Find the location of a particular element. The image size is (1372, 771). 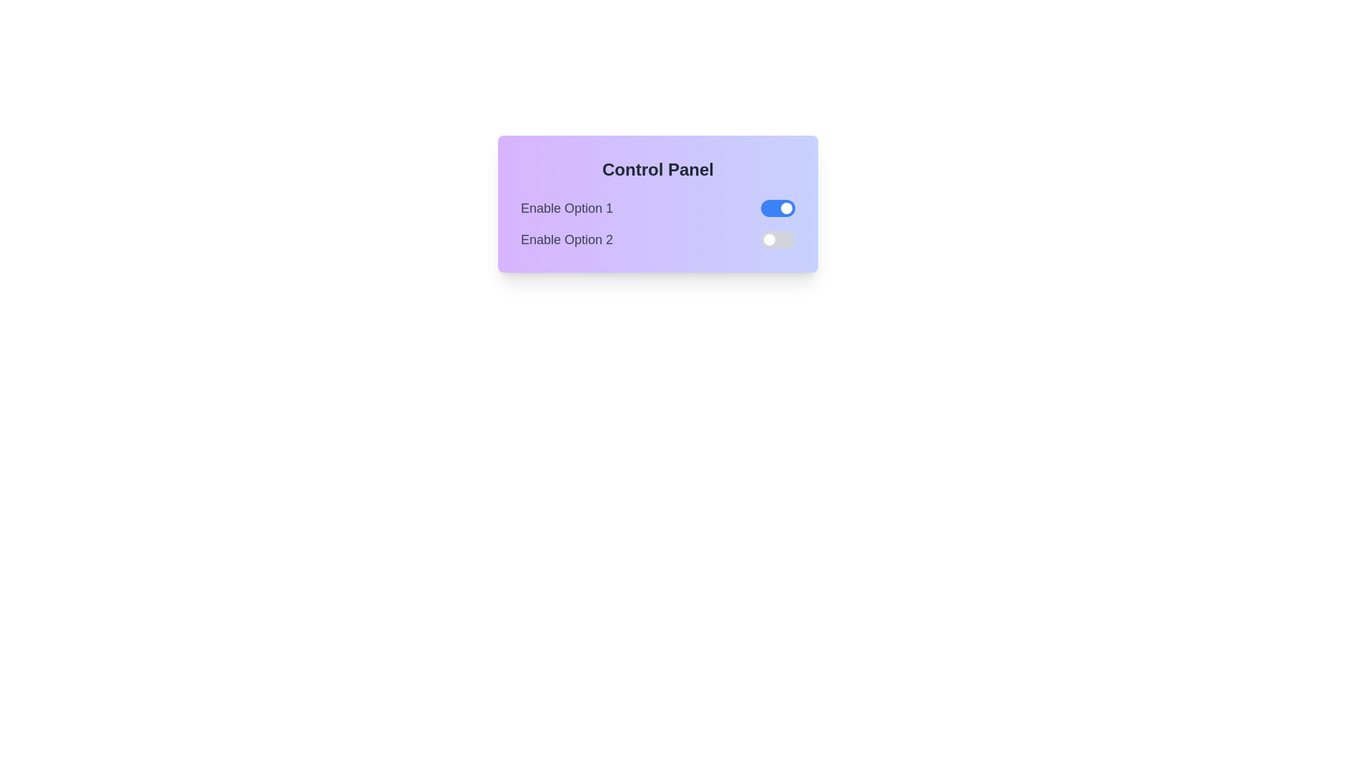

the Heading text element that displays 'Control Panel', which is bold and centered with a dark gray color on a gradient background is located at coordinates (657, 169).